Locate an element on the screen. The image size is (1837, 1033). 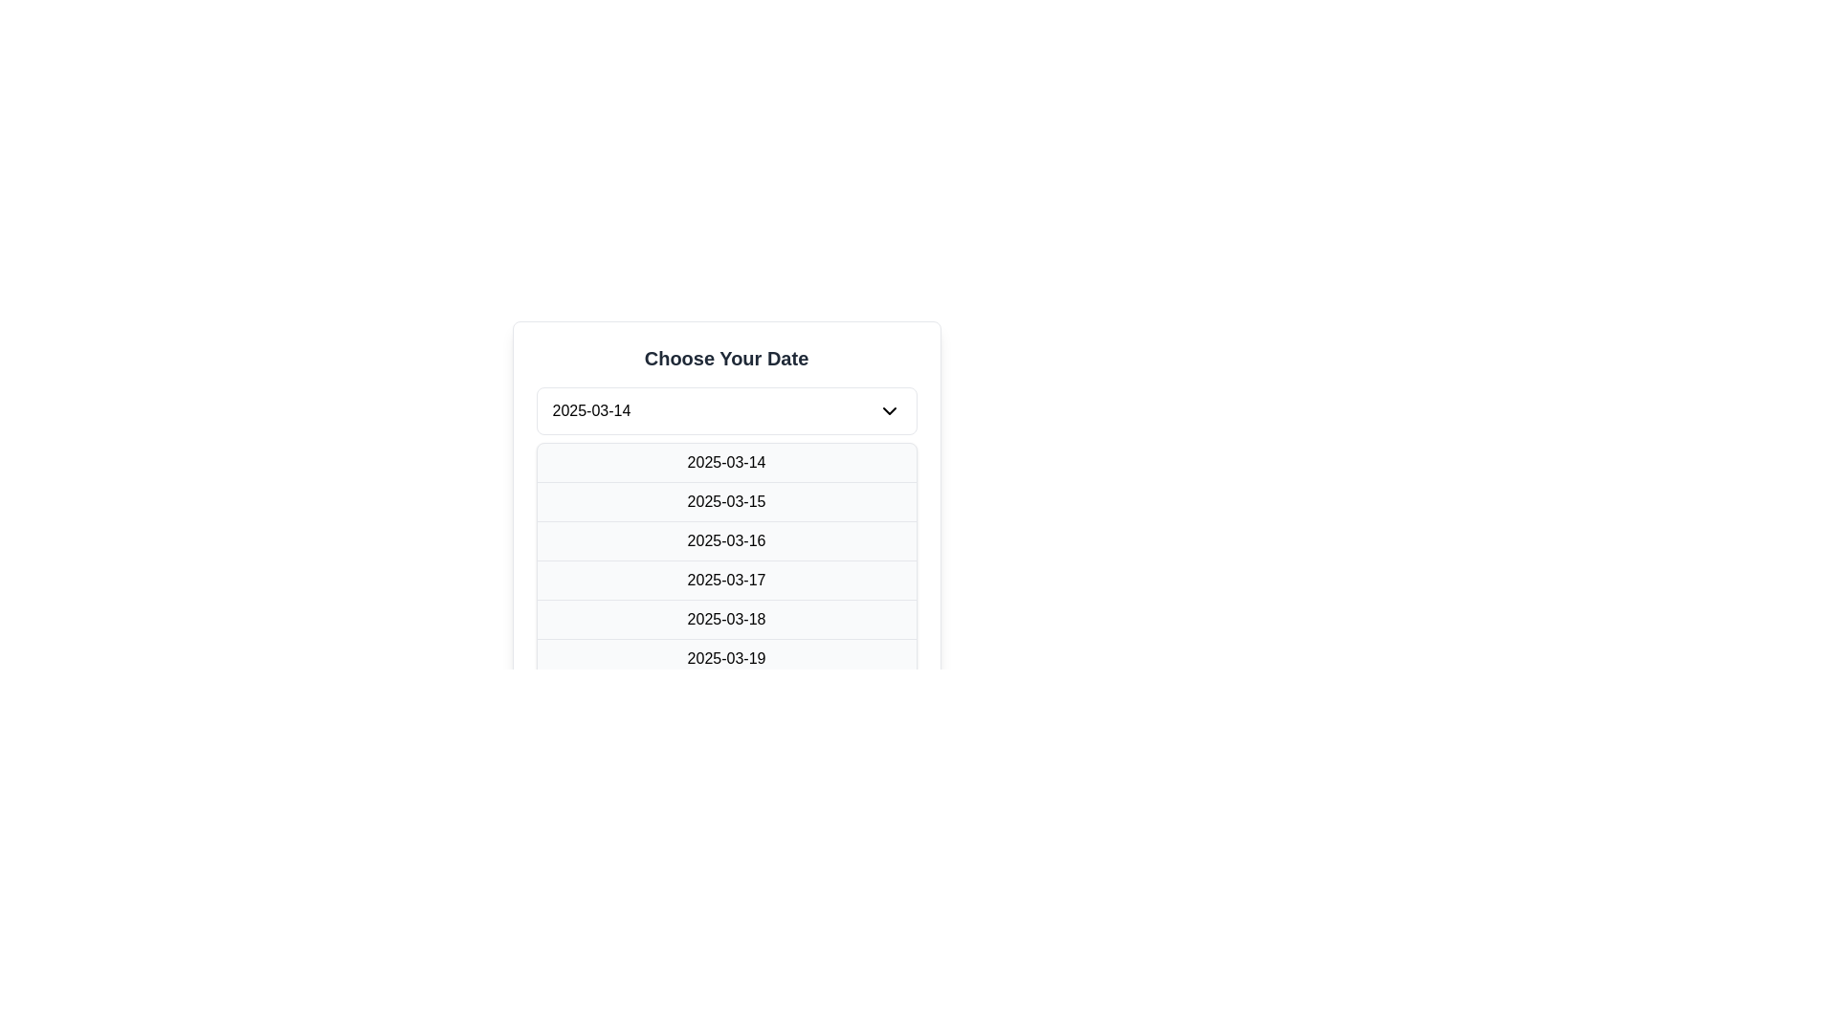
the dropdown menu displaying '2025-03-14' is located at coordinates (725, 409).